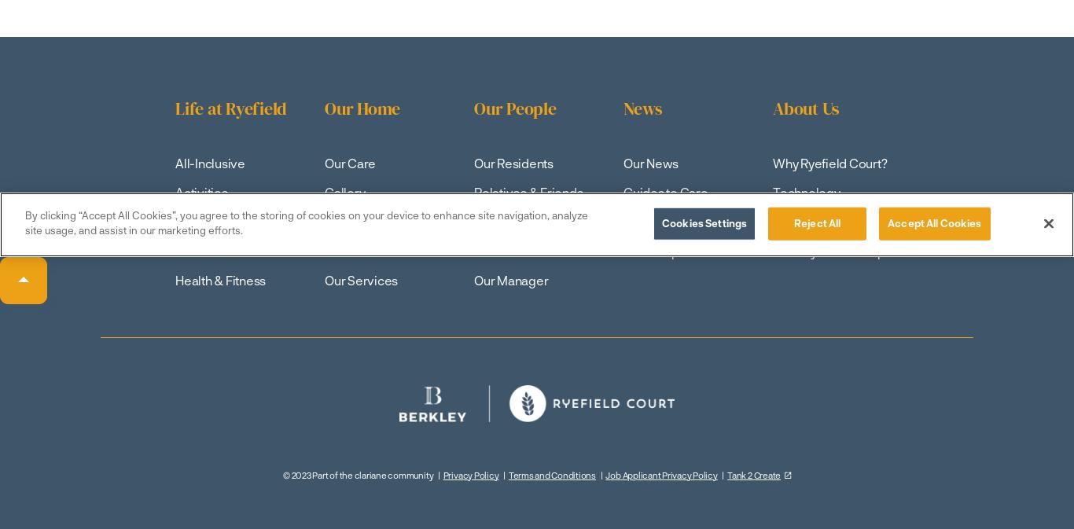  Describe the element at coordinates (828, 250) in the screenshot. I see `'Berkley Care Group'` at that location.